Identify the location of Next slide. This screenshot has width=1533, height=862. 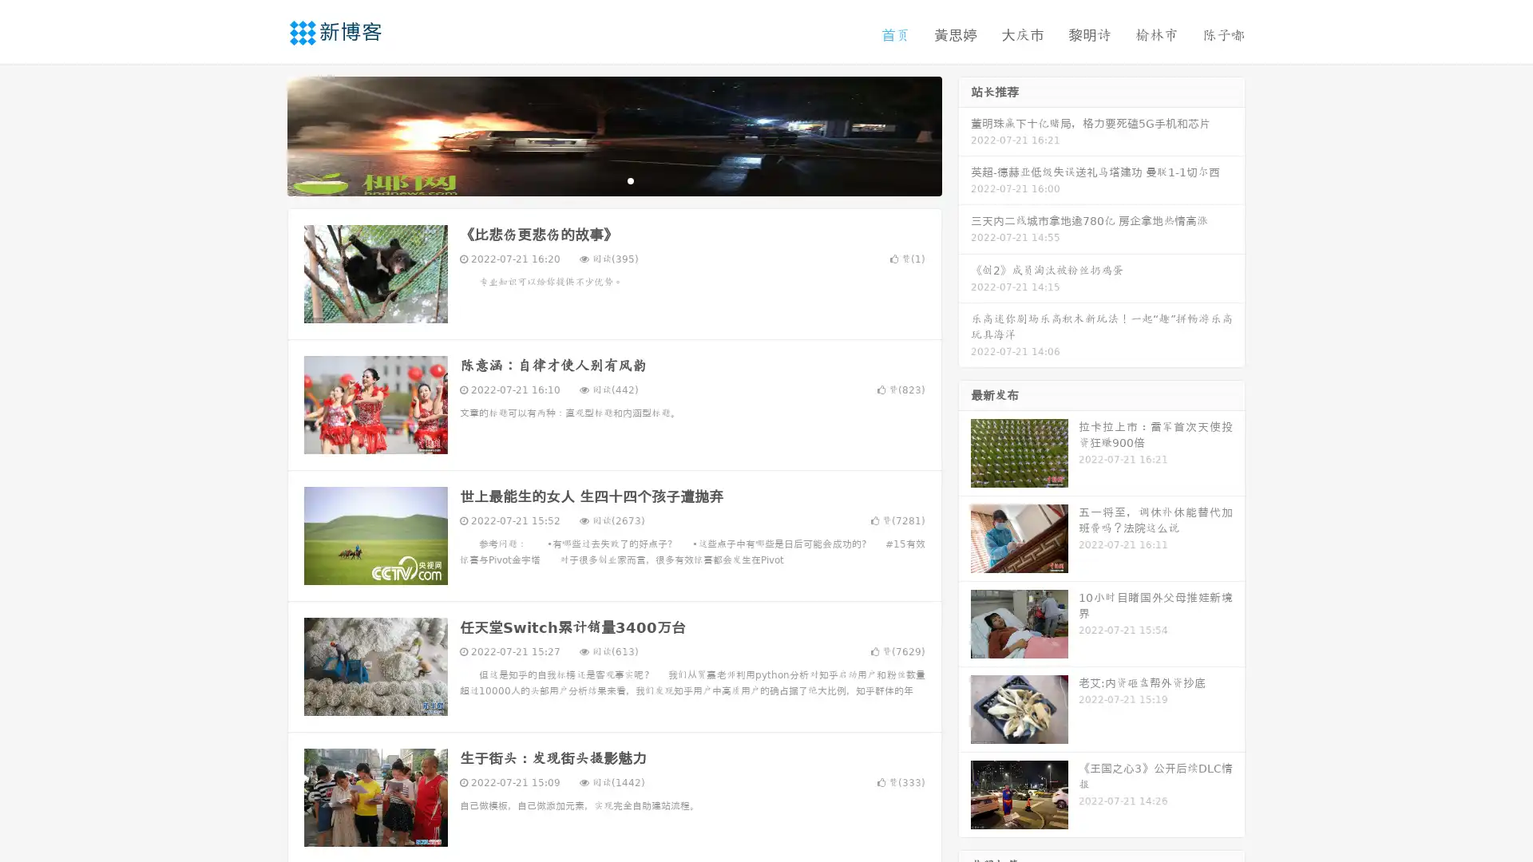
(965, 134).